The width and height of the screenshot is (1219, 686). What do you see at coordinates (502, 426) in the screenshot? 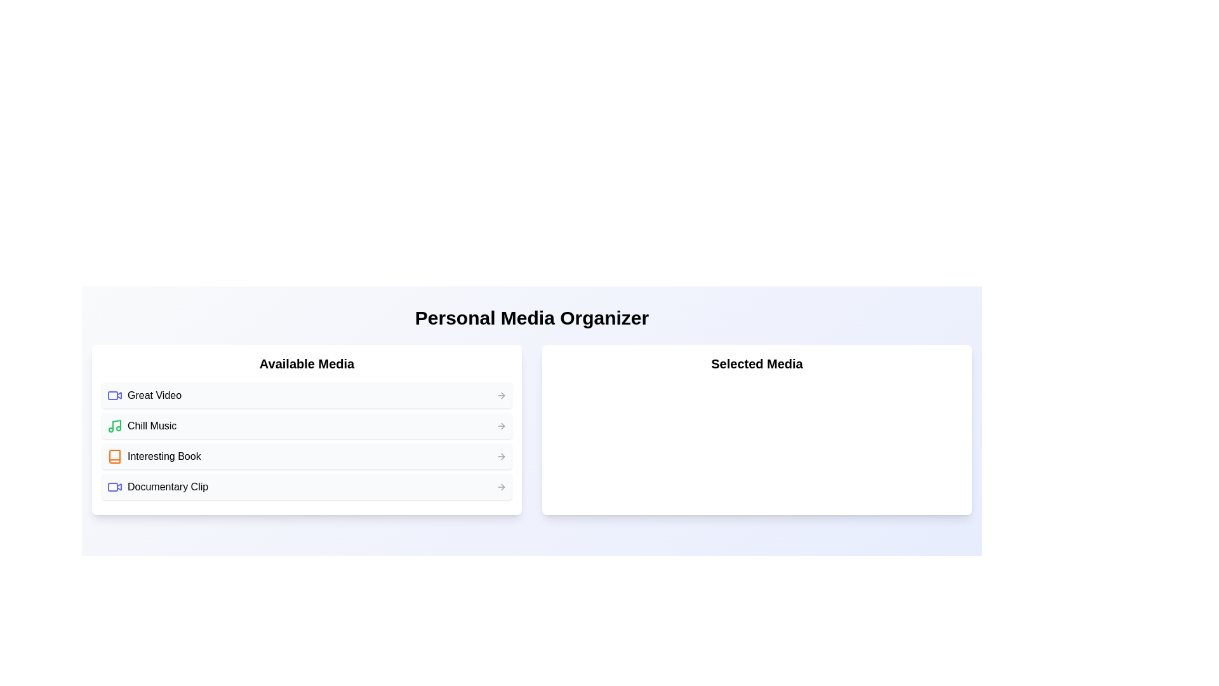
I see `the interactive icon located to the right of the 'Chill Music' text in the 'Available Media' list` at bounding box center [502, 426].